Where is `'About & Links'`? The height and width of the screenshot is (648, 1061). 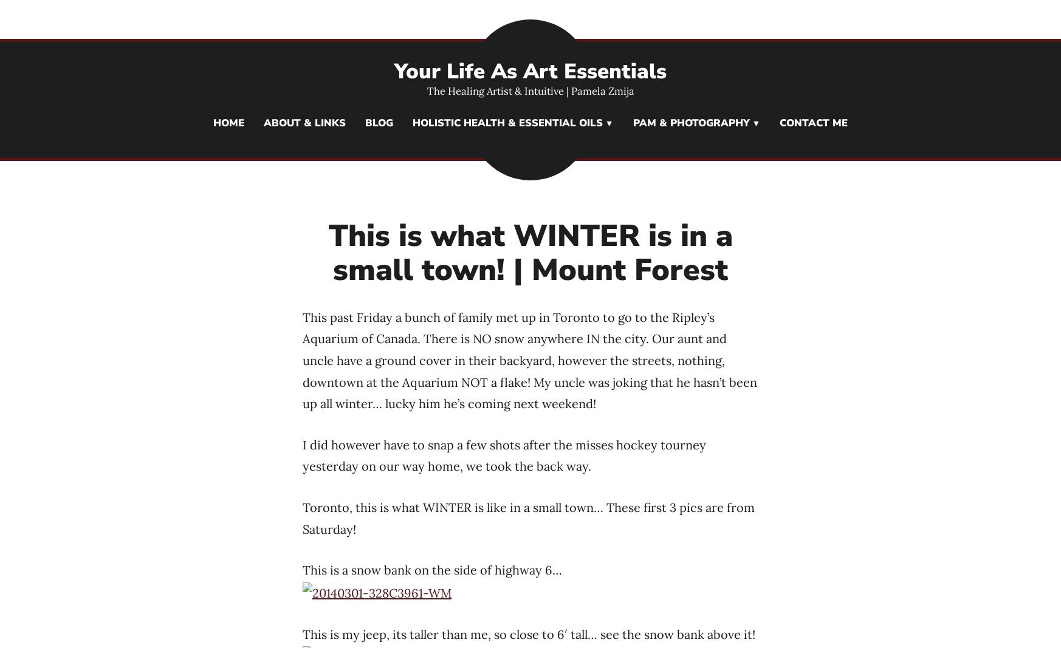 'About & Links' is located at coordinates (304, 123).